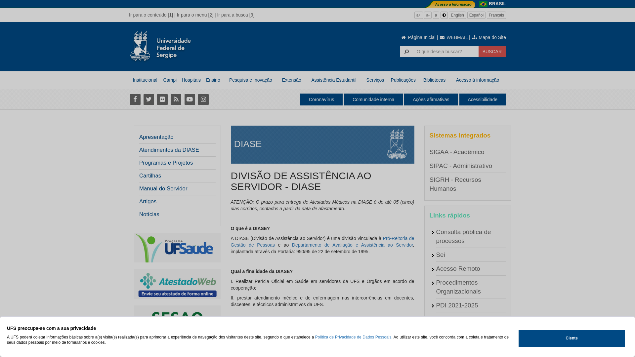 The width and height of the screenshot is (635, 357). I want to click on 'English', so click(457, 15).